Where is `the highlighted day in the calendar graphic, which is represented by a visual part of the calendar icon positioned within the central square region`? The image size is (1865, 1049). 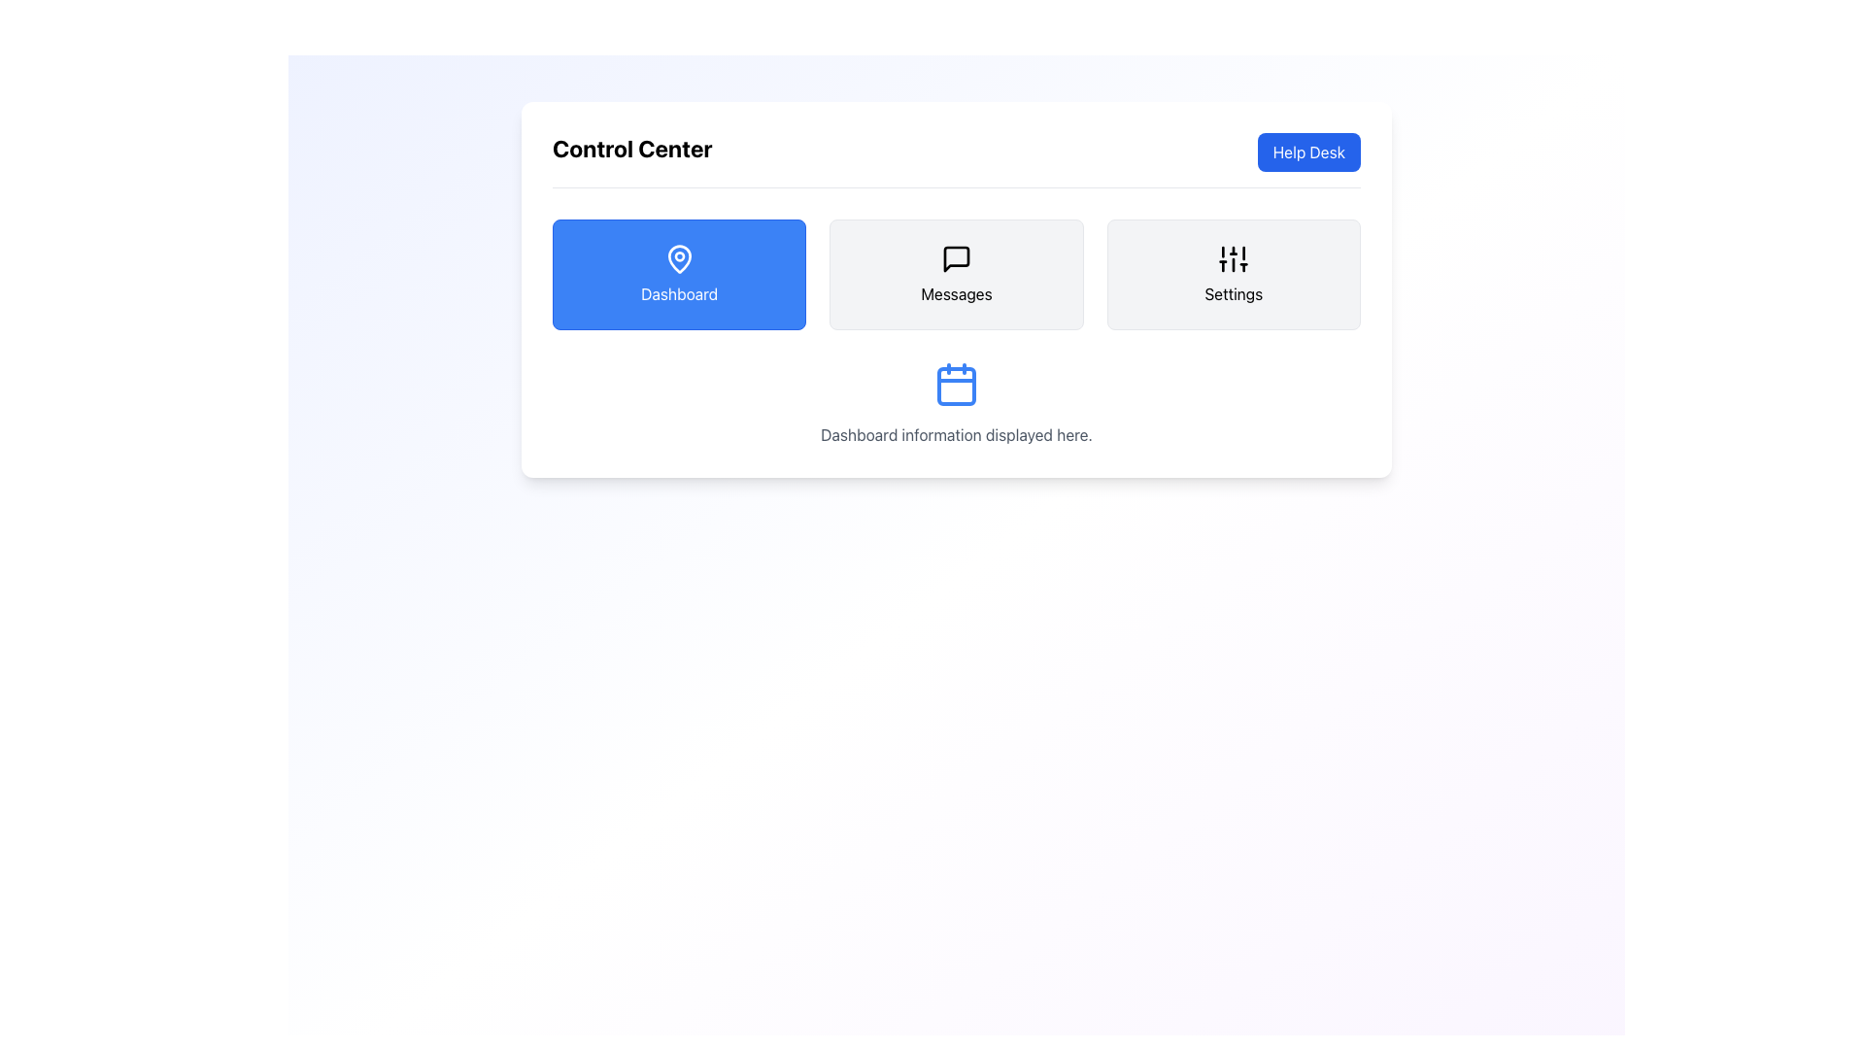
the highlighted day in the calendar graphic, which is represented by a visual part of the calendar icon positioned within the central square region is located at coordinates (956, 386).